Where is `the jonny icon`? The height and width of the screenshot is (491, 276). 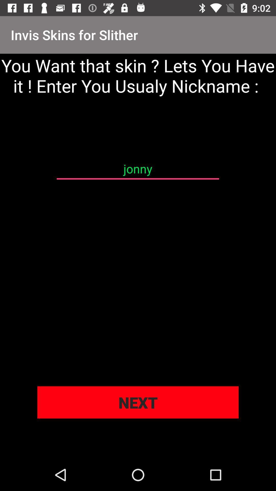
the jonny icon is located at coordinates (137, 169).